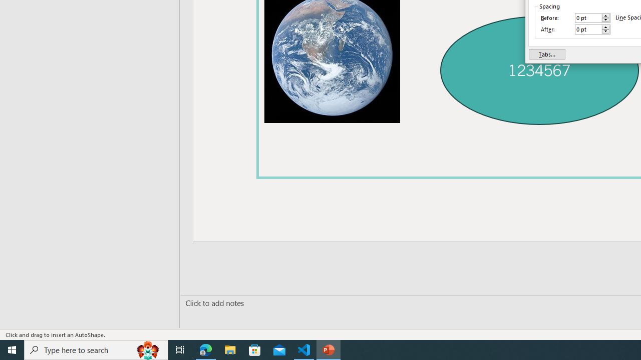 The width and height of the screenshot is (641, 360). I want to click on 'After', so click(588, 28).